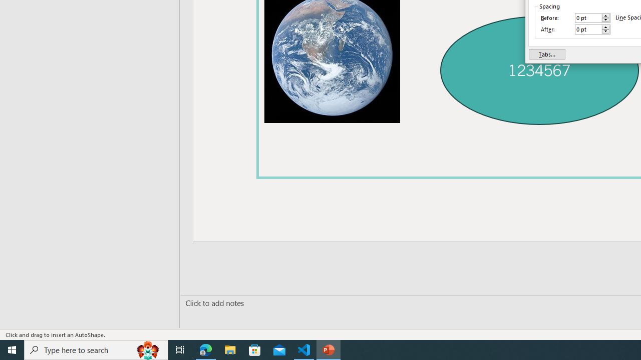 The width and height of the screenshot is (641, 360). I want to click on 'After', so click(588, 28).